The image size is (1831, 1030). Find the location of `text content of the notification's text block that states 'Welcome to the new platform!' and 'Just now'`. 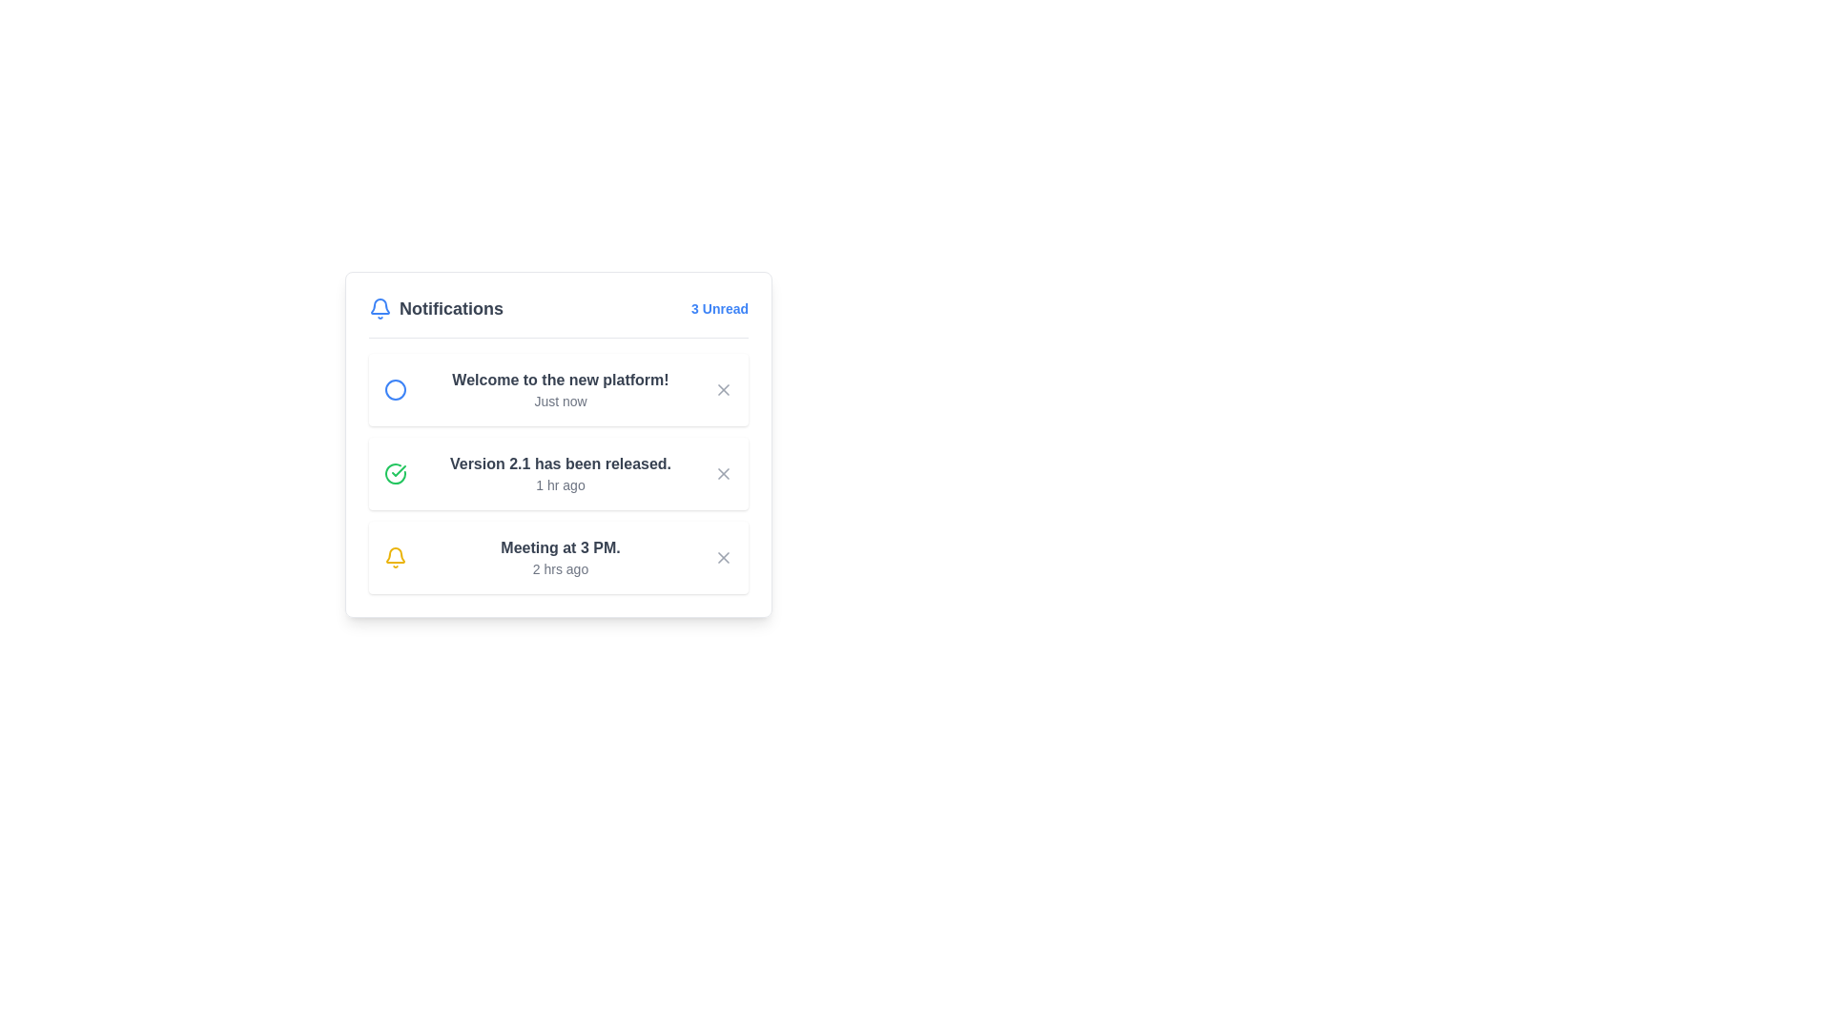

text content of the notification's text block that states 'Welcome to the new platform!' and 'Just now' is located at coordinates (560, 388).